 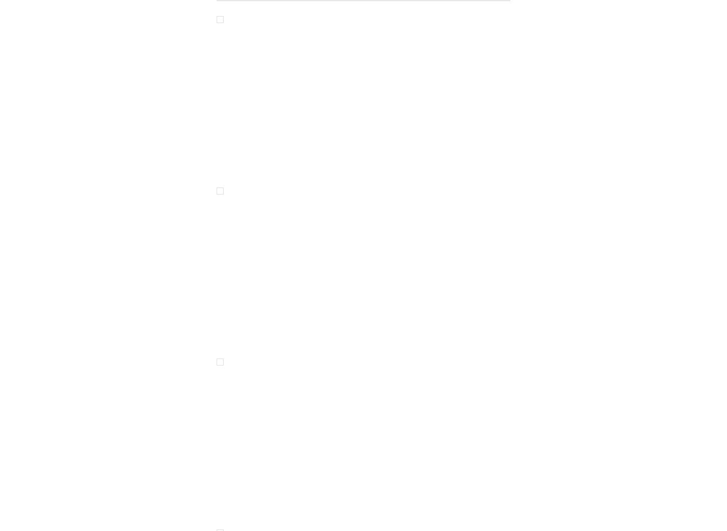 I want to click on 'Courtesy of the Institute of Classical Architecture & Art', so click(x=305, y=141).